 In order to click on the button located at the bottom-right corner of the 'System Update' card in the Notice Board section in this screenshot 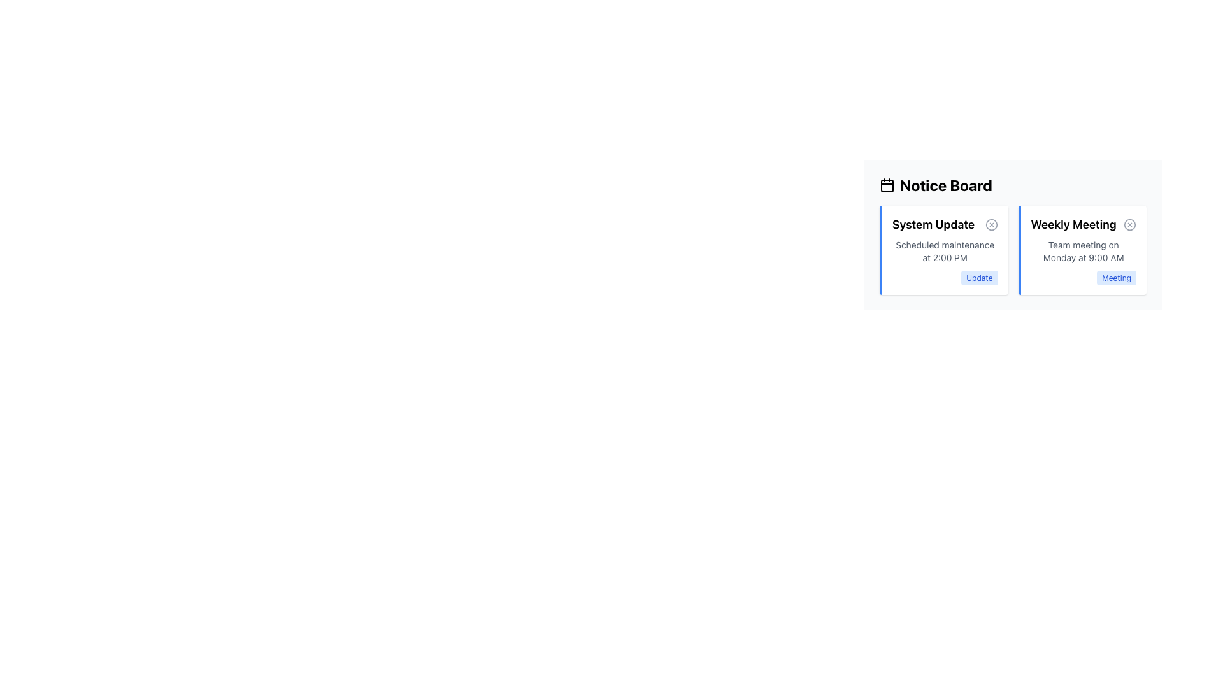, I will do `click(978, 277)`.